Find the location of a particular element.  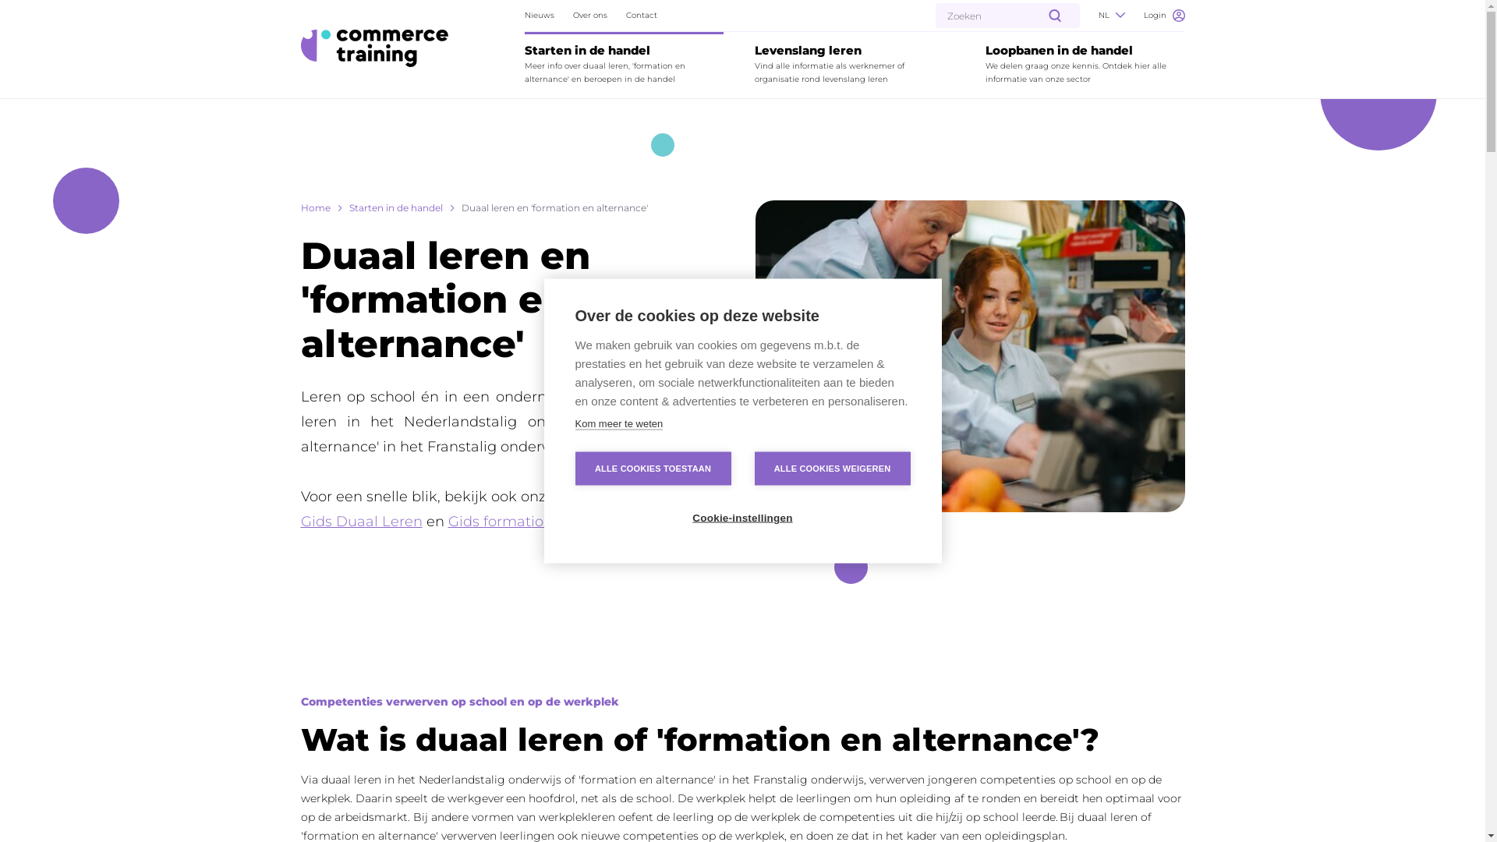

'Over ons' is located at coordinates (589, 15).